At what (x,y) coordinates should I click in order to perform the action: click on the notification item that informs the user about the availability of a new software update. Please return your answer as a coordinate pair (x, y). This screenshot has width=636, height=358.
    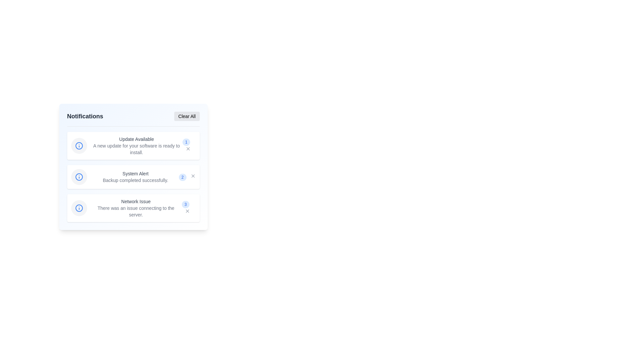
    Looking at the image, I should click on (133, 145).